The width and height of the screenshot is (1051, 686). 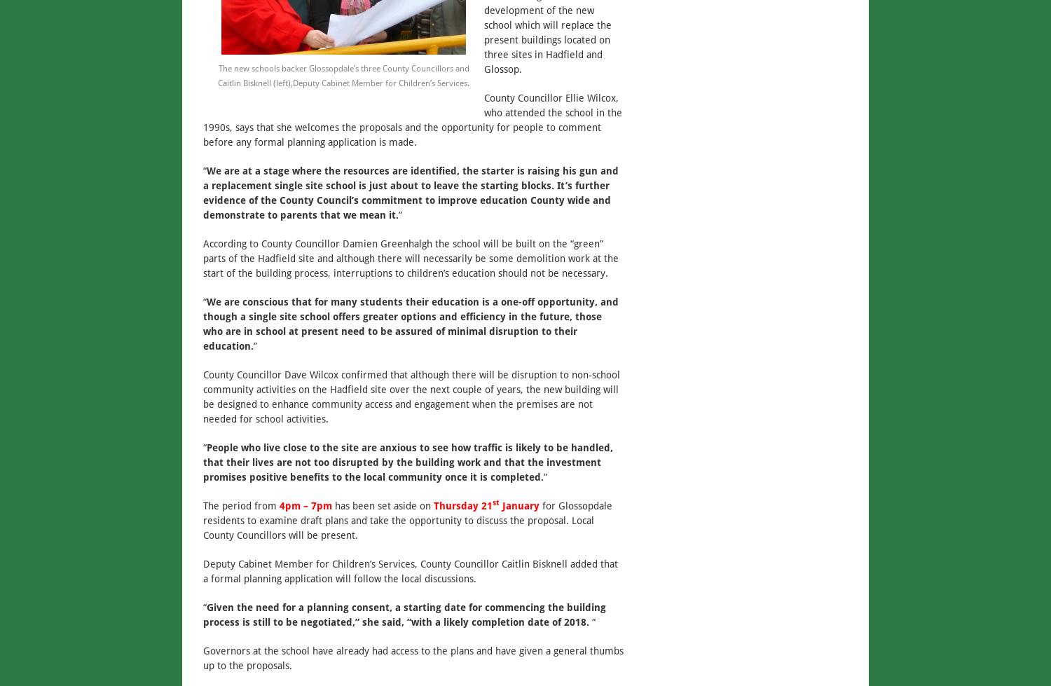 What do you see at coordinates (412, 119) in the screenshot?
I see `'County Councillor Ellie Wilcox, who attended the school in the 1990s, says that she welcomes the proposals and the opportunity for people to comment before any formal planning application is made.'` at bounding box center [412, 119].